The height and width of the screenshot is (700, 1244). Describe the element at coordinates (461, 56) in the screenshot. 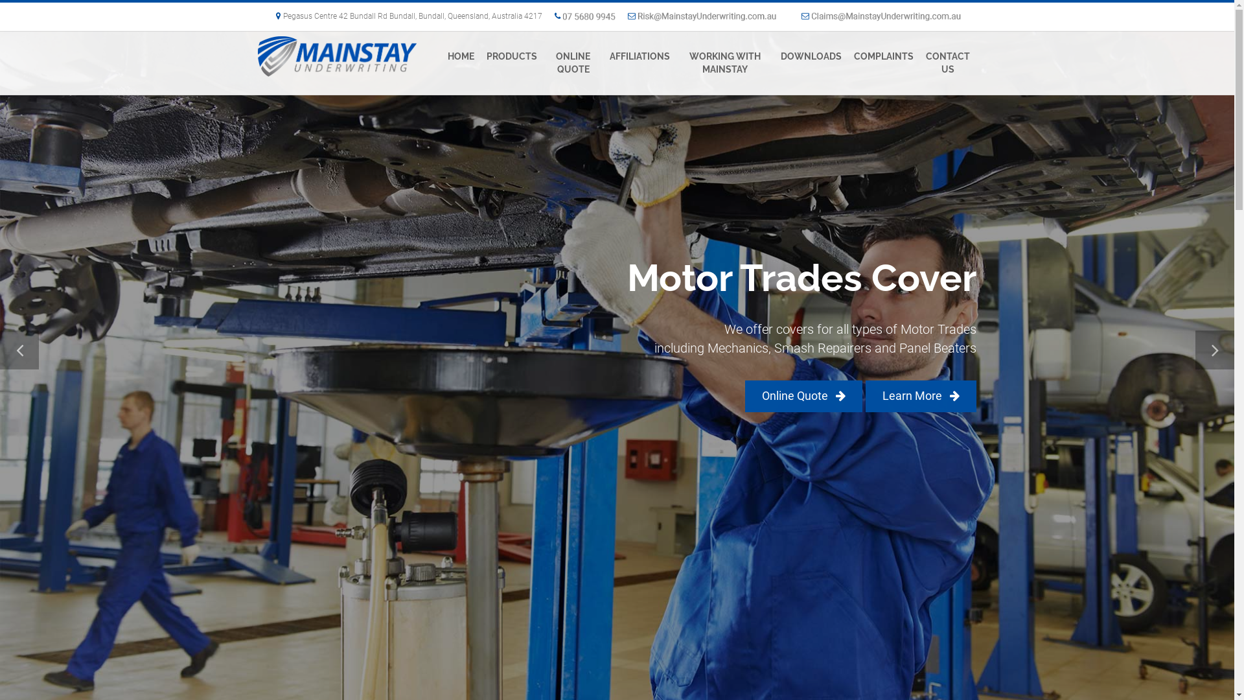

I see `'HOME'` at that location.